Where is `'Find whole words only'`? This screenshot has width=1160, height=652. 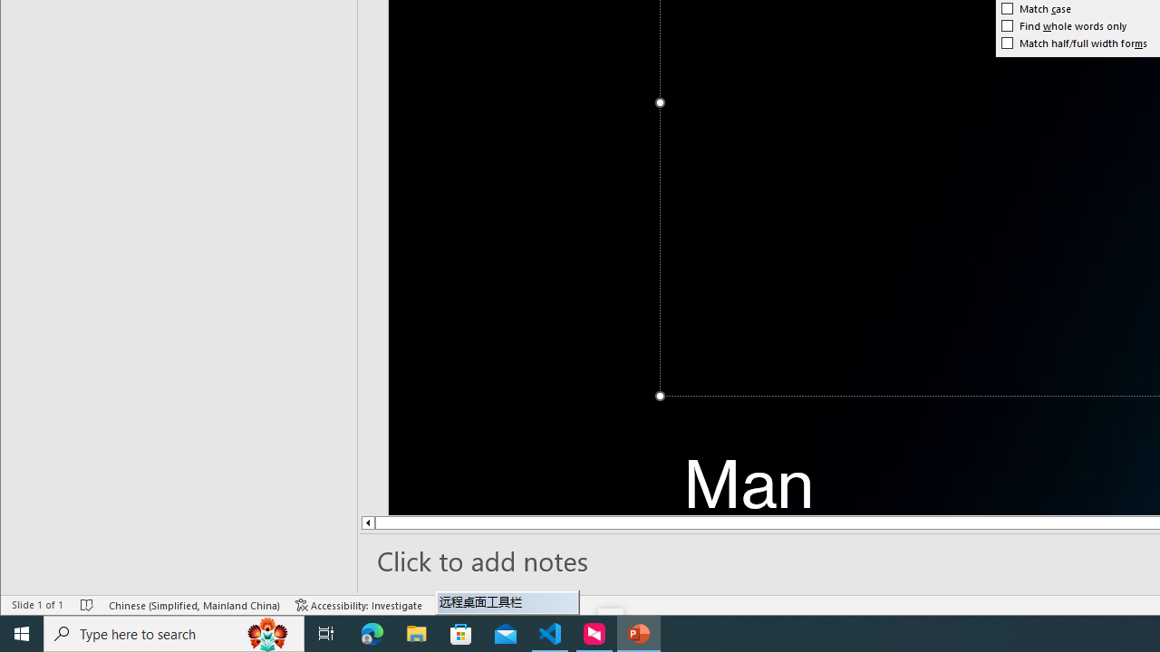
'Find whole words only' is located at coordinates (1065, 25).